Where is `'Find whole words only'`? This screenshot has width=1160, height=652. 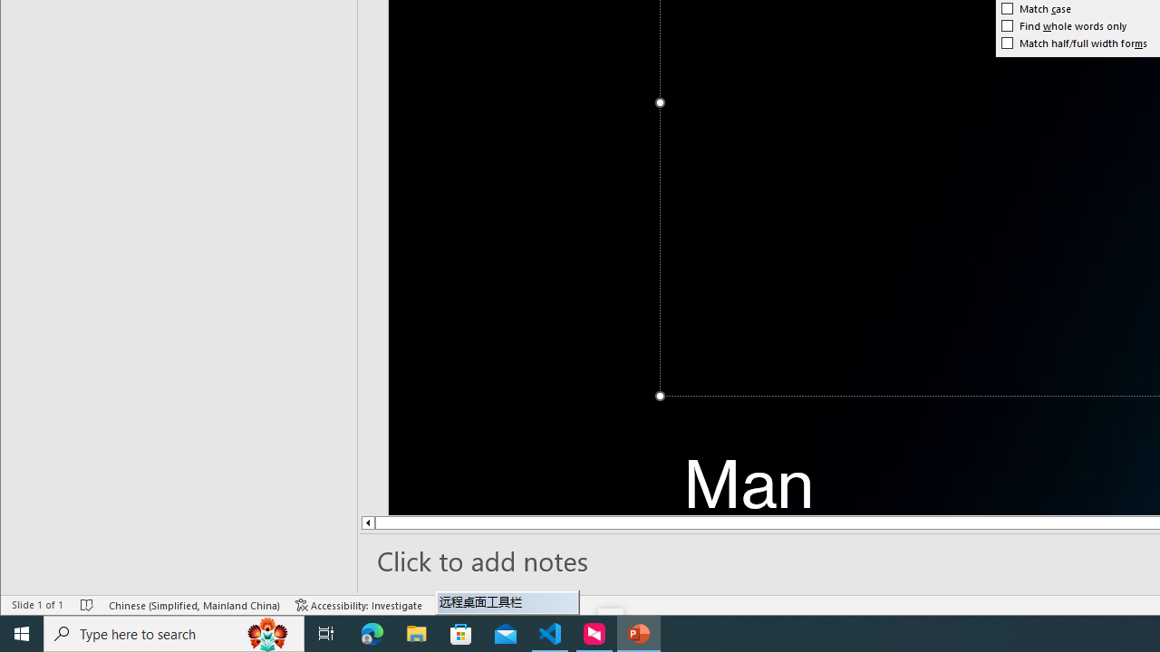
'Find whole words only' is located at coordinates (1065, 25).